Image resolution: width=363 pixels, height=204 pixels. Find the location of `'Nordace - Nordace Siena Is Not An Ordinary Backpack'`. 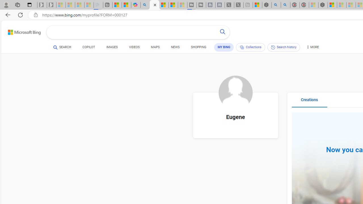

'Nordace - Nordace Siena Is Not An Ordinary Backpack' is located at coordinates (323, 5).